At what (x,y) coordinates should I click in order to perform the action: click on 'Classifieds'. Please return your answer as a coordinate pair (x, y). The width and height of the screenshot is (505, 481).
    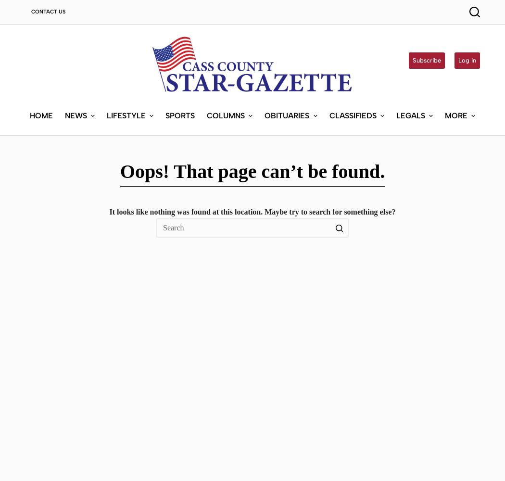
    Looking at the image, I should click on (352, 114).